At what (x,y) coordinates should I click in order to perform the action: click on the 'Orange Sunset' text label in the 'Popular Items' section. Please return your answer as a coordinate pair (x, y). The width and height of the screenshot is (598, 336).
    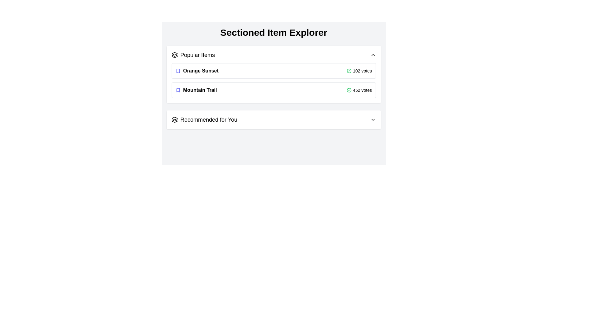
    Looking at the image, I should click on (201, 70).